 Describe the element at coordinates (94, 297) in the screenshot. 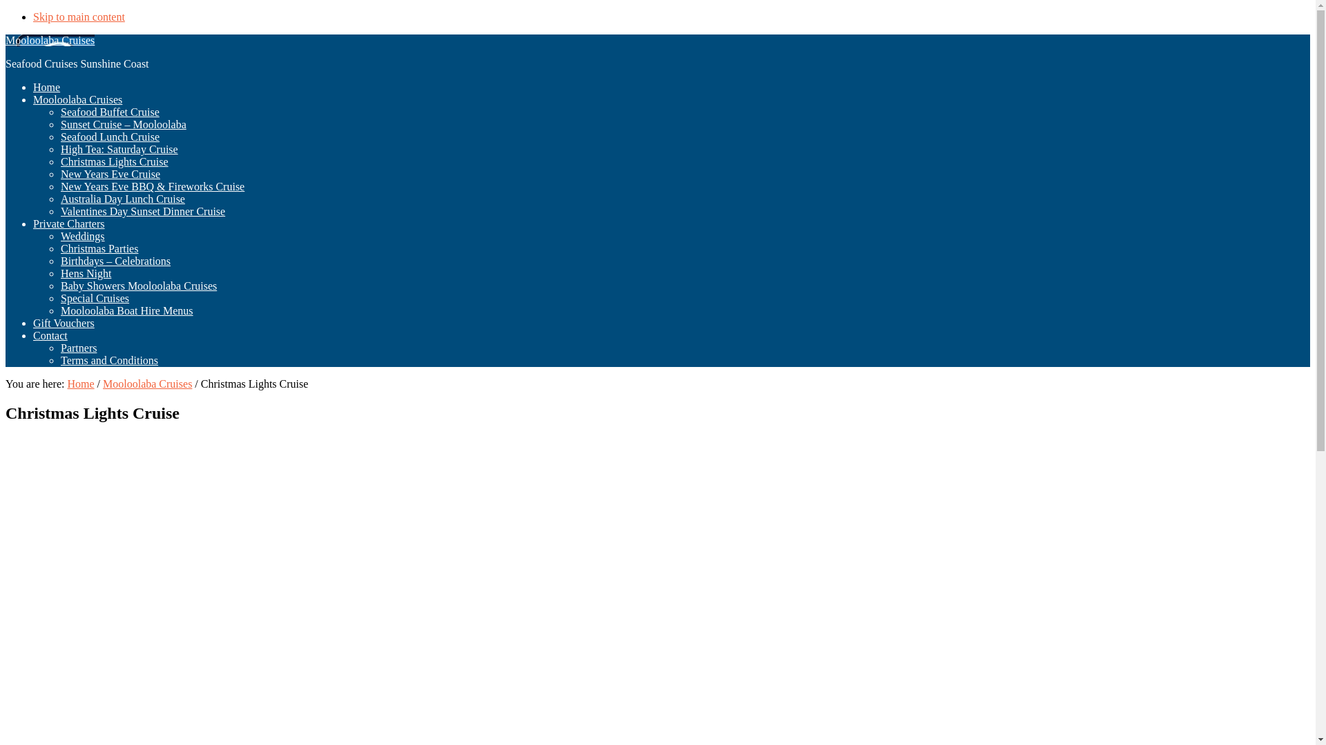

I see `'Special Cruises'` at that location.